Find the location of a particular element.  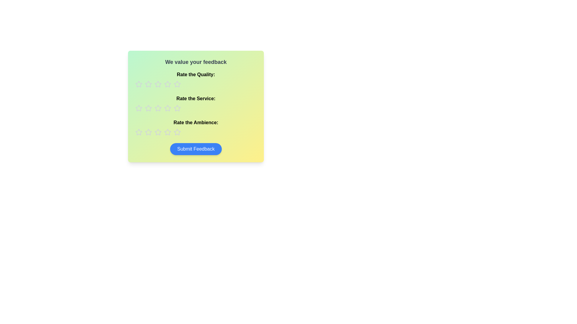

text from the heading Text Label that introduces the feedback form, located at the top of the form above rating sections is located at coordinates (196, 62).